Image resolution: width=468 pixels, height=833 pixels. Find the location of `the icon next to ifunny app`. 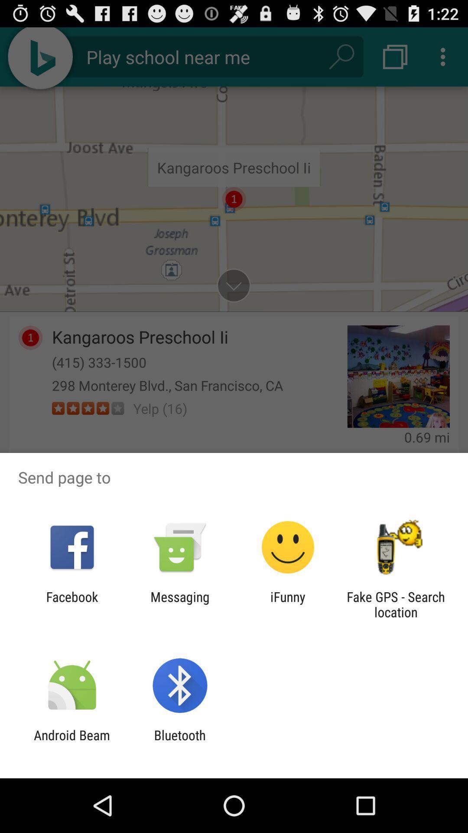

the icon next to ifunny app is located at coordinates (179, 604).